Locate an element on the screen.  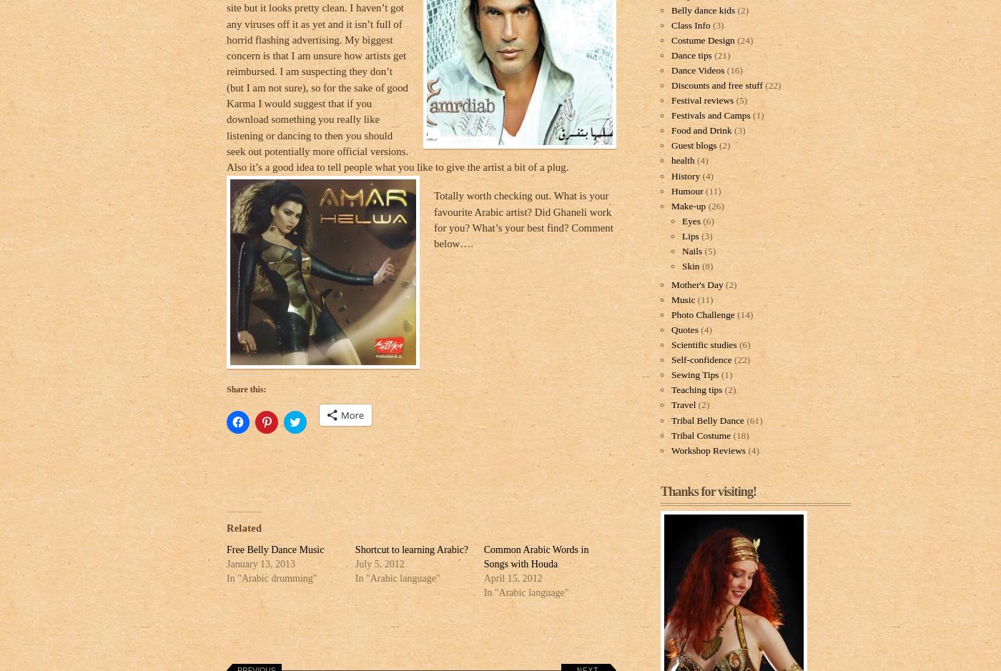
'(61)' is located at coordinates (753, 419).